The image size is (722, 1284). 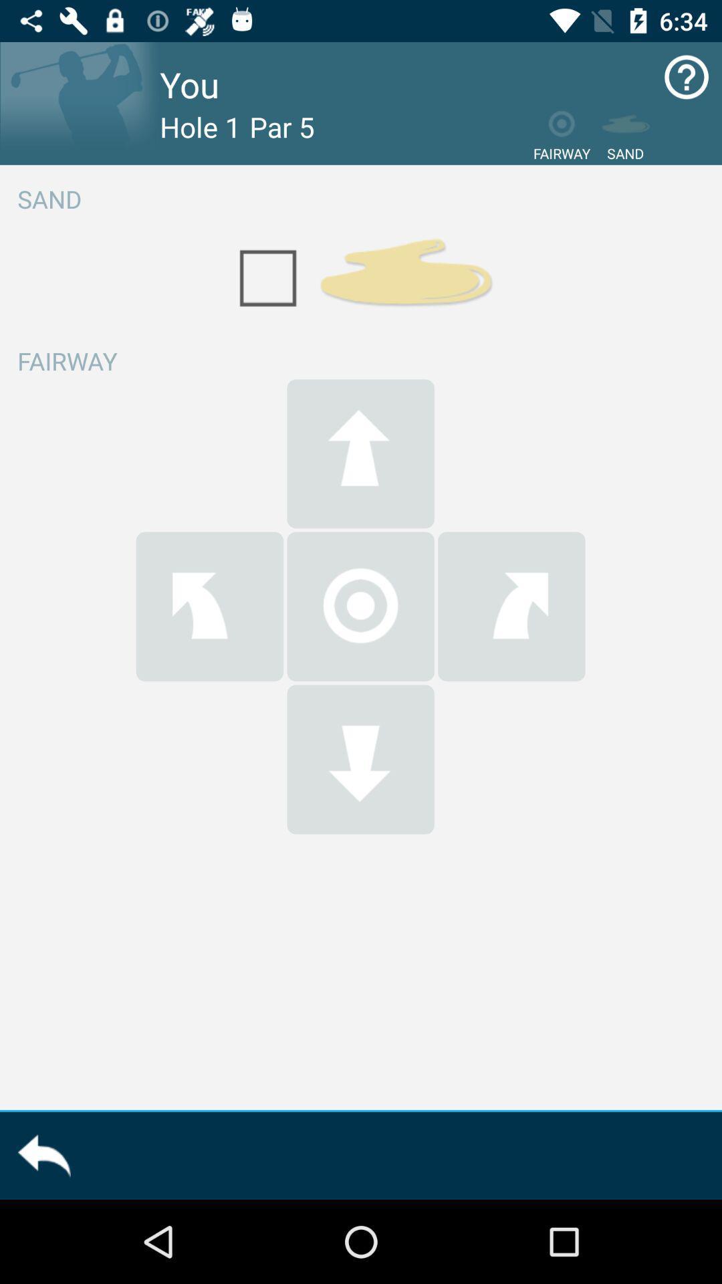 I want to click on idea for person, so click(x=80, y=102).